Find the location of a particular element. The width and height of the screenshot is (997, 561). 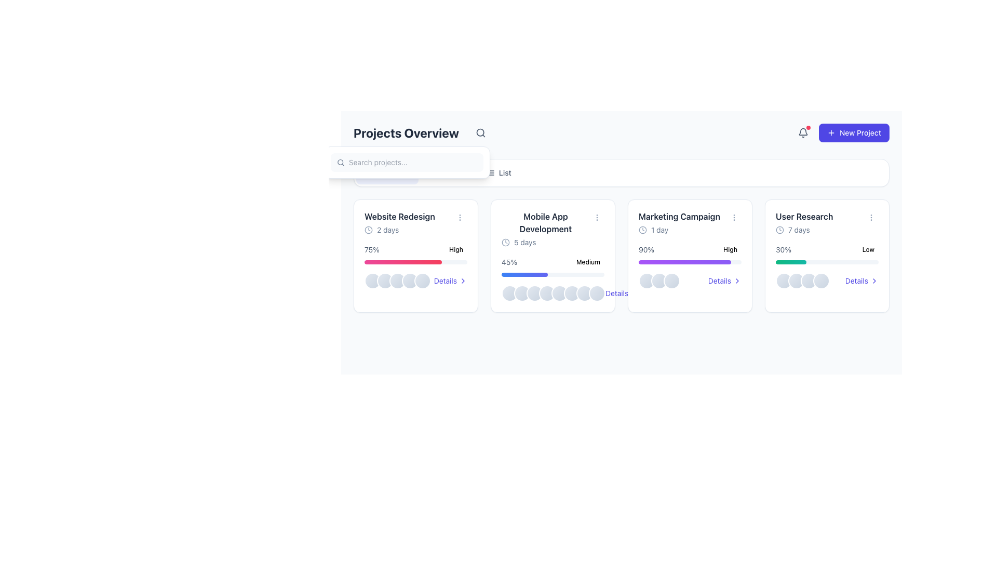

the Text label displaying the duration for the 'User Research' task located directly below the header and icon in the 'User Research' section is located at coordinates (804, 230).